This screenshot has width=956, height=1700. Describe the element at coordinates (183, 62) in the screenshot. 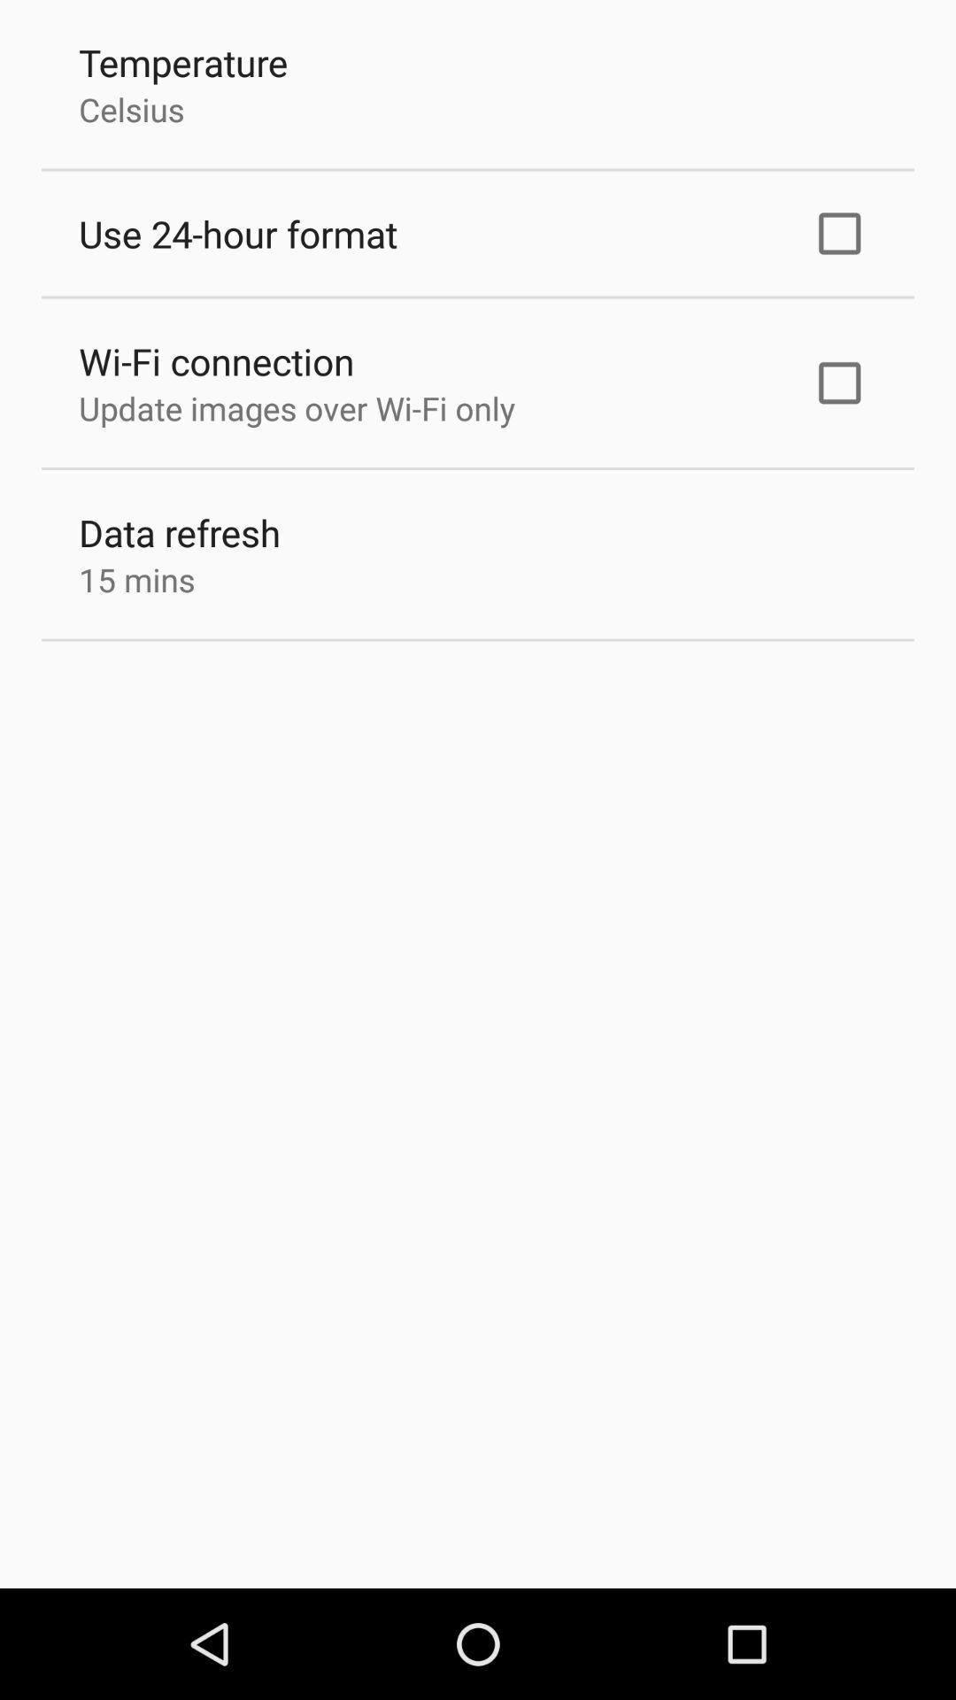

I see `the temperature app` at that location.